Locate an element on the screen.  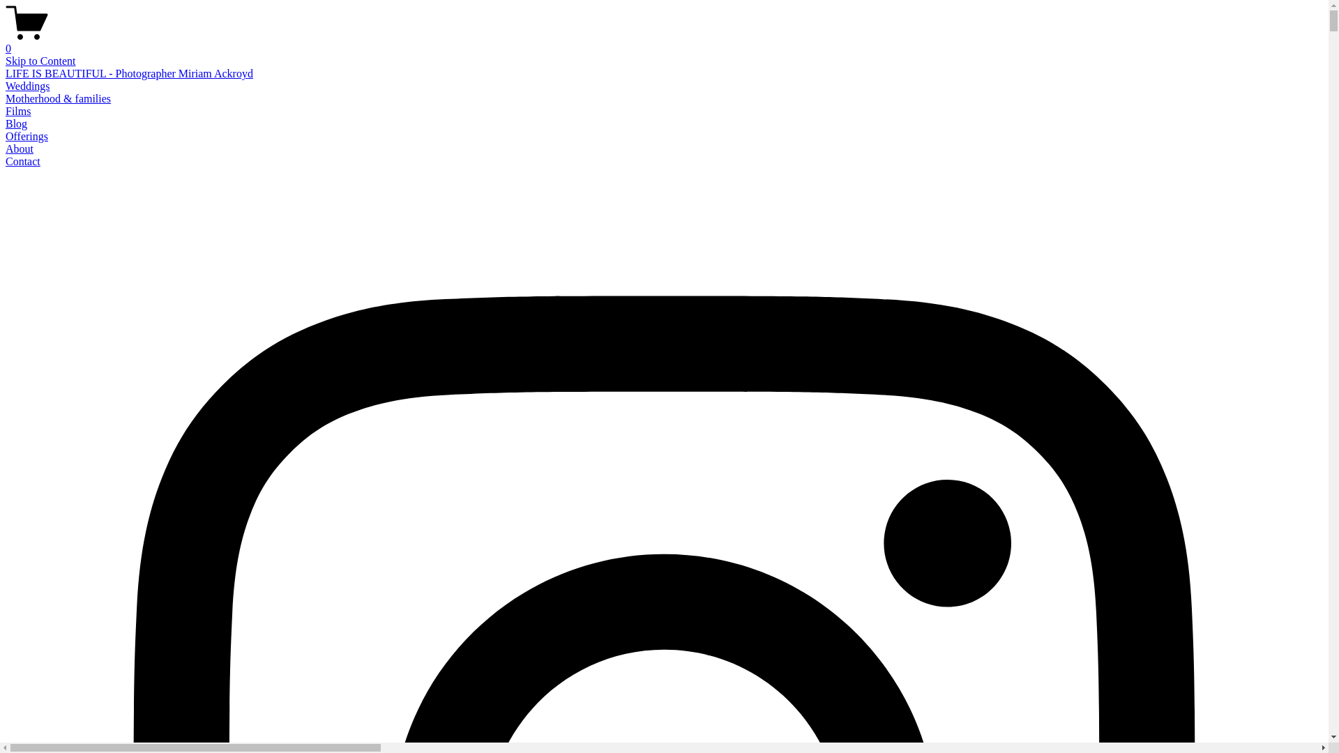
'Motherhood & families' is located at coordinates (57, 98).